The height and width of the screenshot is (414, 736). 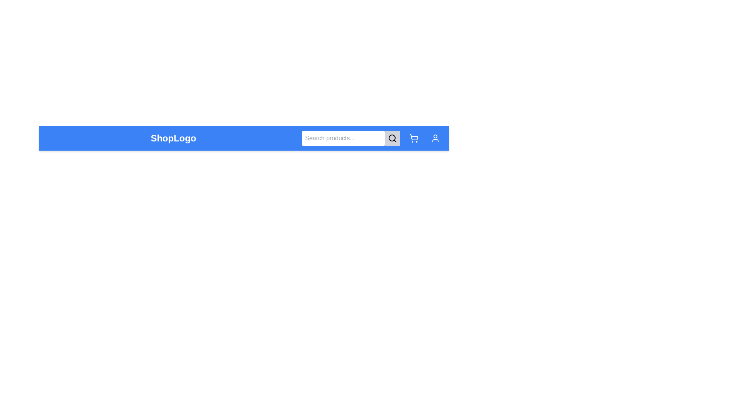 What do you see at coordinates (435, 138) in the screenshot?
I see `the user profile icon` at bounding box center [435, 138].